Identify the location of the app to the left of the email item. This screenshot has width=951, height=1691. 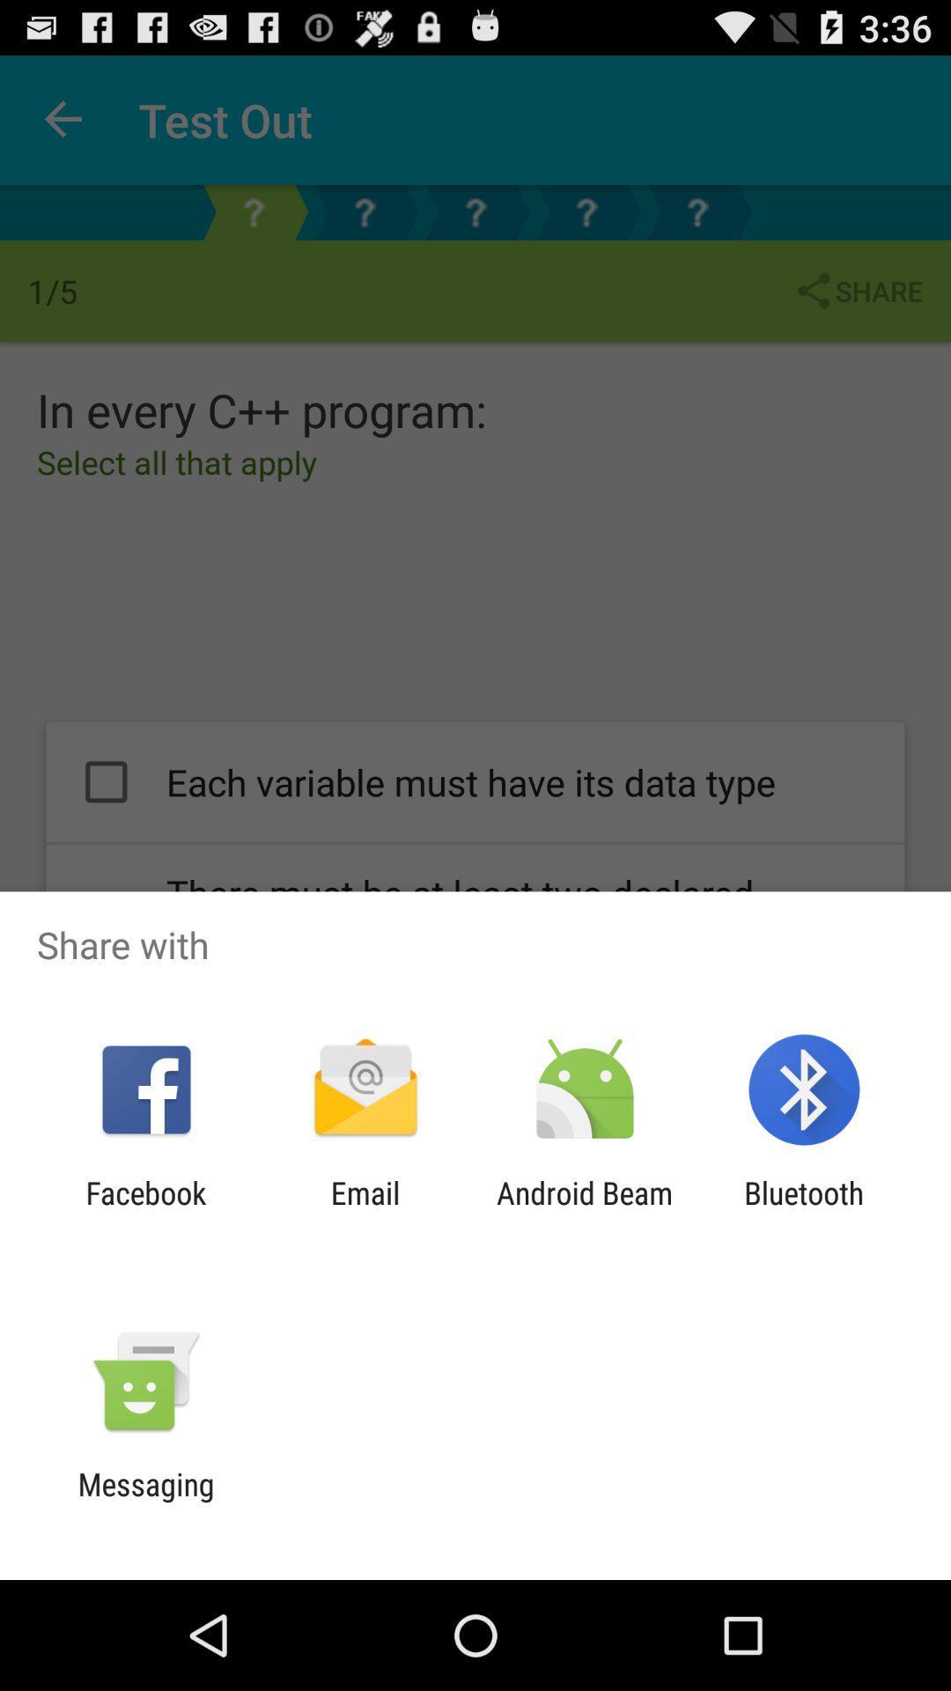
(145, 1210).